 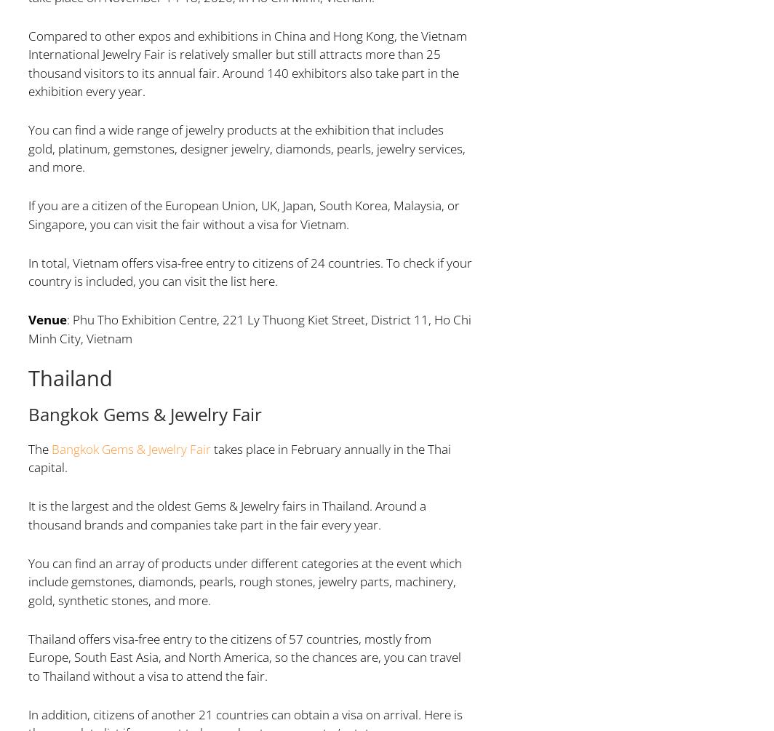 I want to click on 'You can find an array of products under different categories at the event which include gemstones, diamonds, pearls, rough stones, jewelry parts, machinery, gold, synthetic stones, and more.', so click(x=244, y=580).